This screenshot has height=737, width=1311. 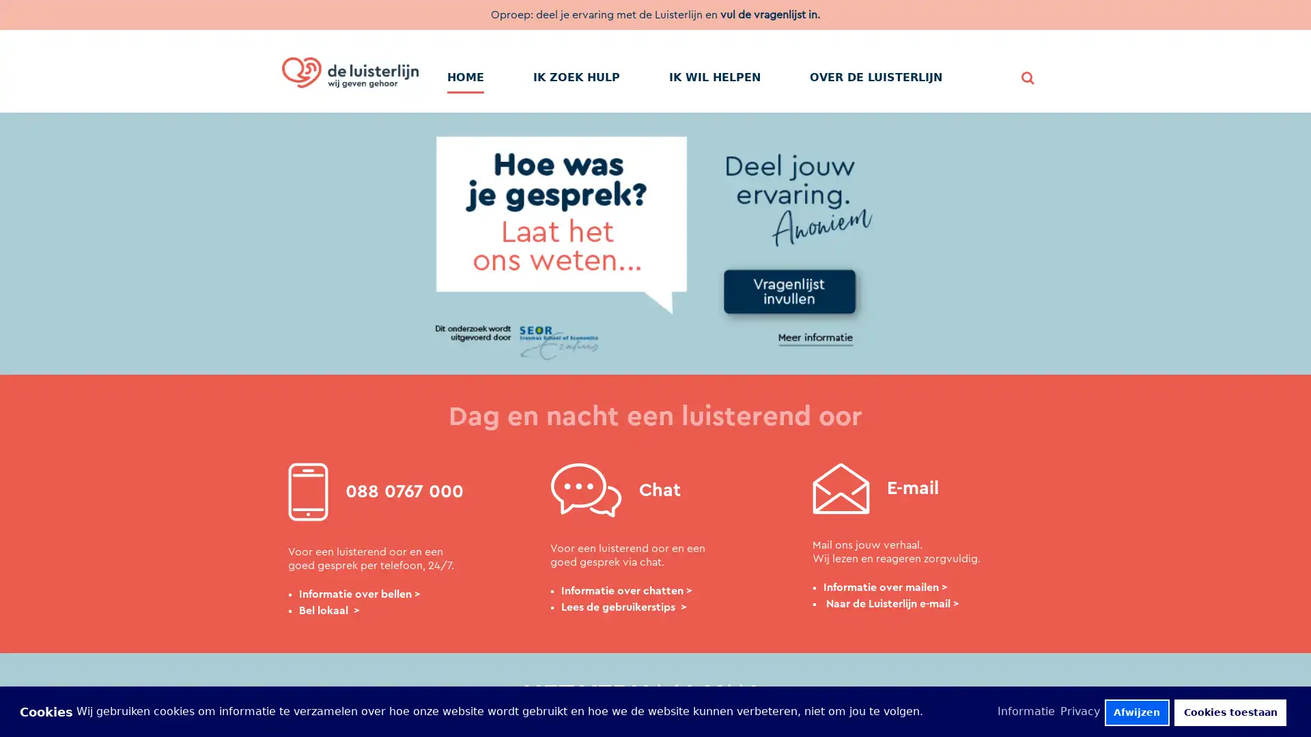 I want to click on allow cookies, so click(x=1230, y=712).